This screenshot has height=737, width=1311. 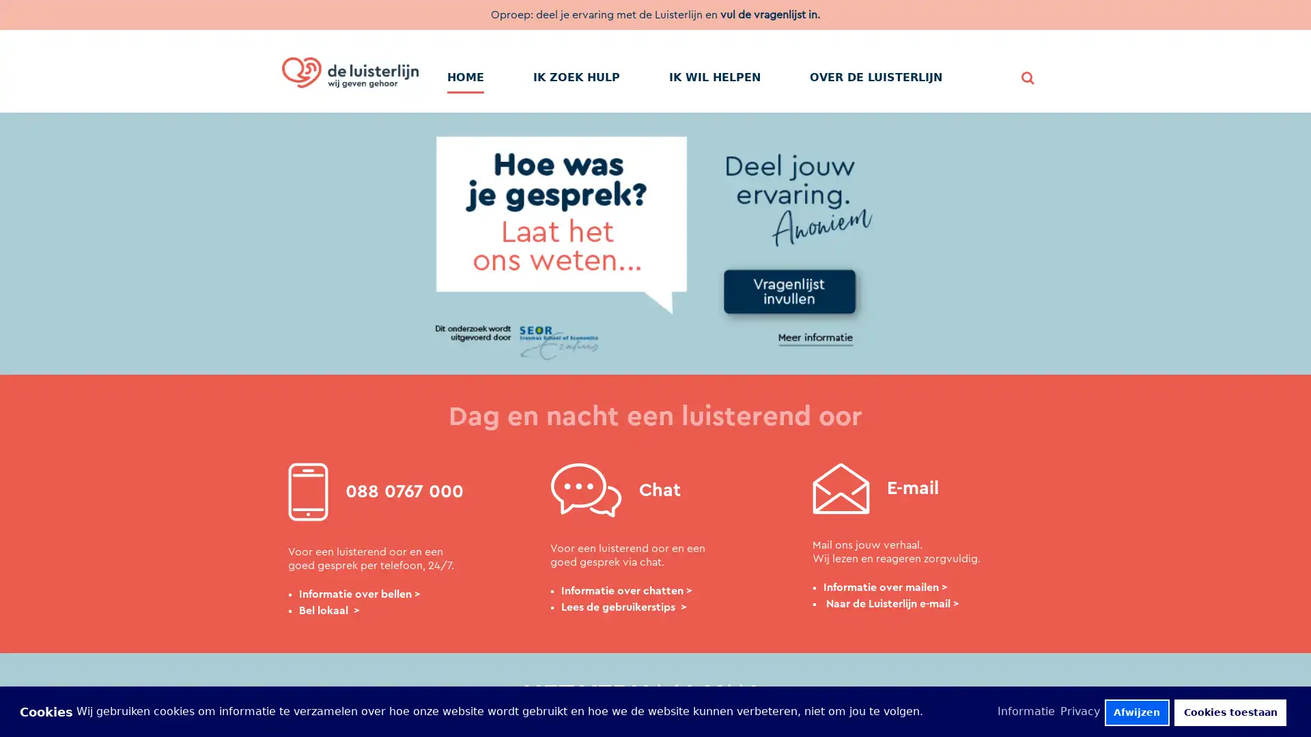 I want to click on allow cookies, so click(x=1230, y=712).